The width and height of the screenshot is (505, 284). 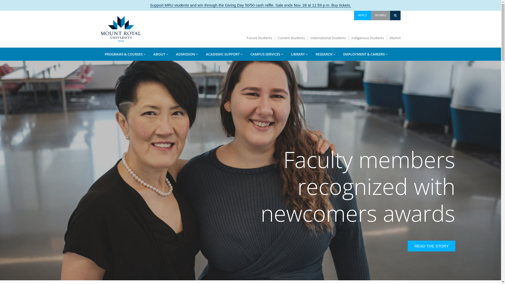 I want to click on 'Alumni', so click(x=393, y=38).